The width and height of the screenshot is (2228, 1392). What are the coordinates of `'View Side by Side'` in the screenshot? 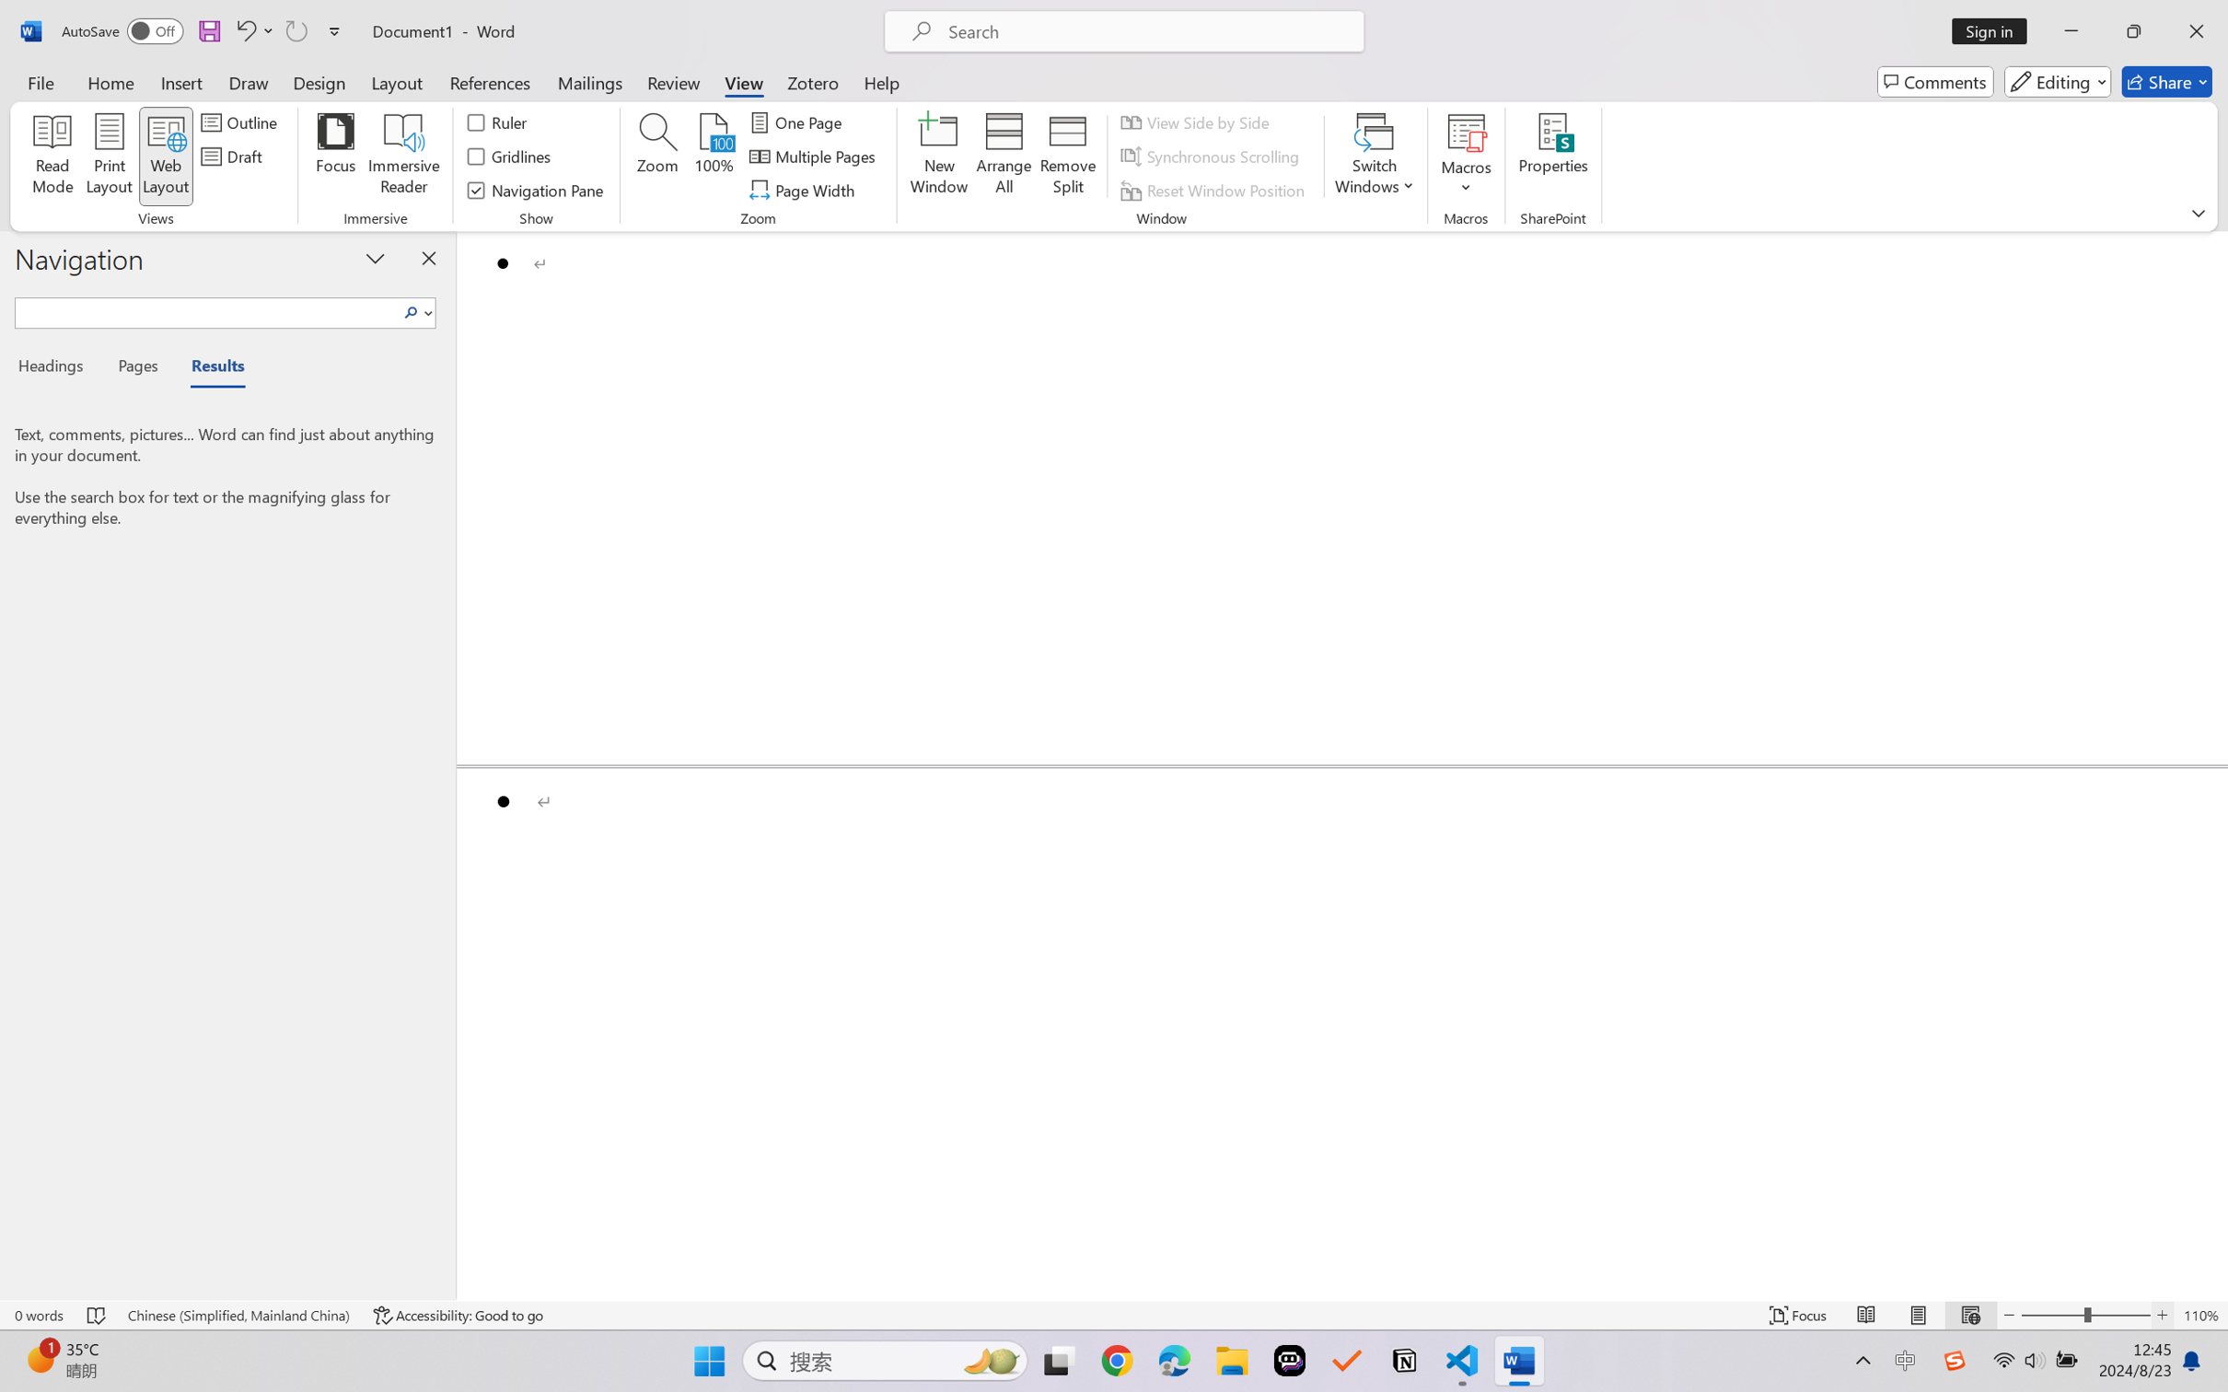 It's located at (1198, 121).